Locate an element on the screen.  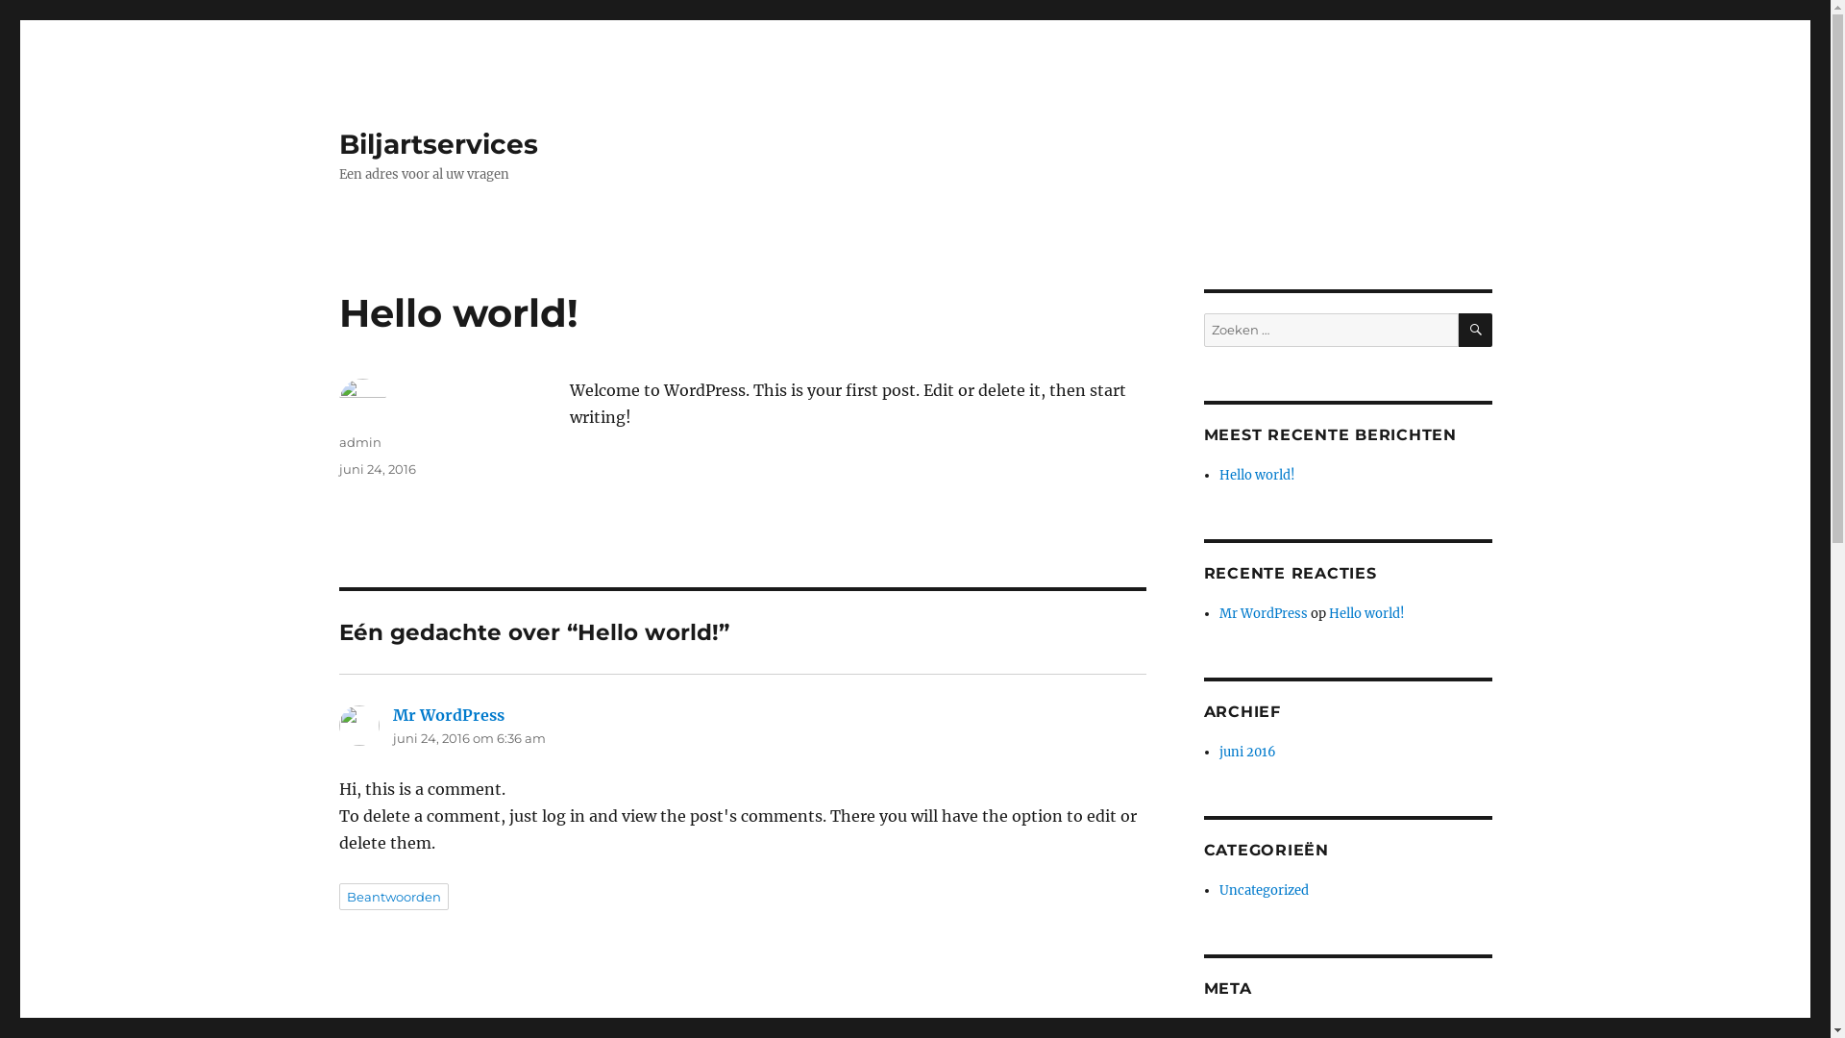
'Biljartservices' is located at coordinates (436, 143).